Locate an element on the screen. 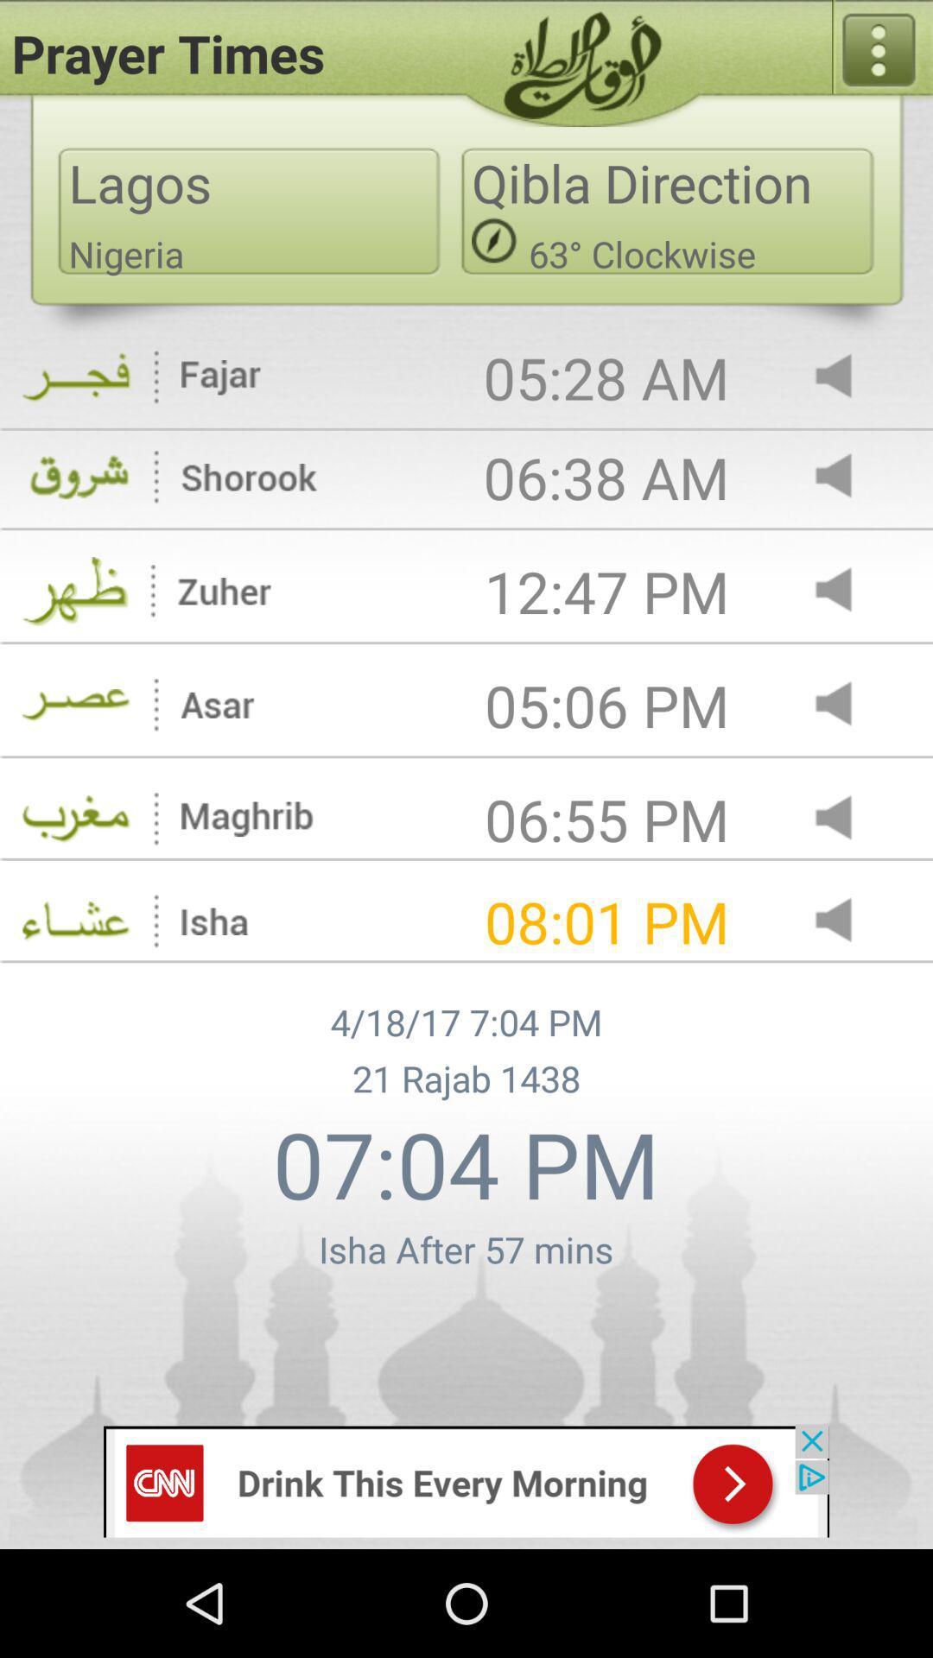 Image resolution: width=933 pixels, height=1658 pixels. advertisement banner is located at coordinates (466, 1479).